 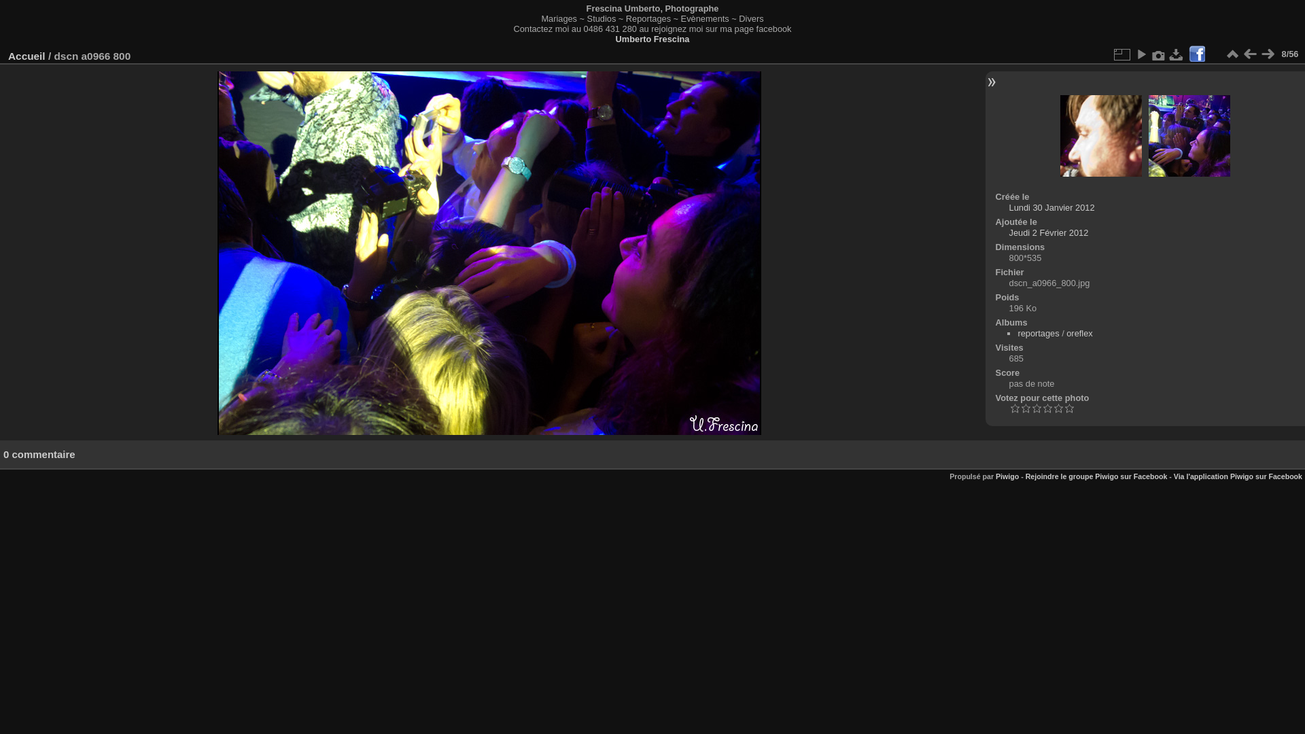 What do you see at coordinates (1197, 54) in the screenshot?
I see `'Partager sur Facebook'` at bounding box center [1197, 54].